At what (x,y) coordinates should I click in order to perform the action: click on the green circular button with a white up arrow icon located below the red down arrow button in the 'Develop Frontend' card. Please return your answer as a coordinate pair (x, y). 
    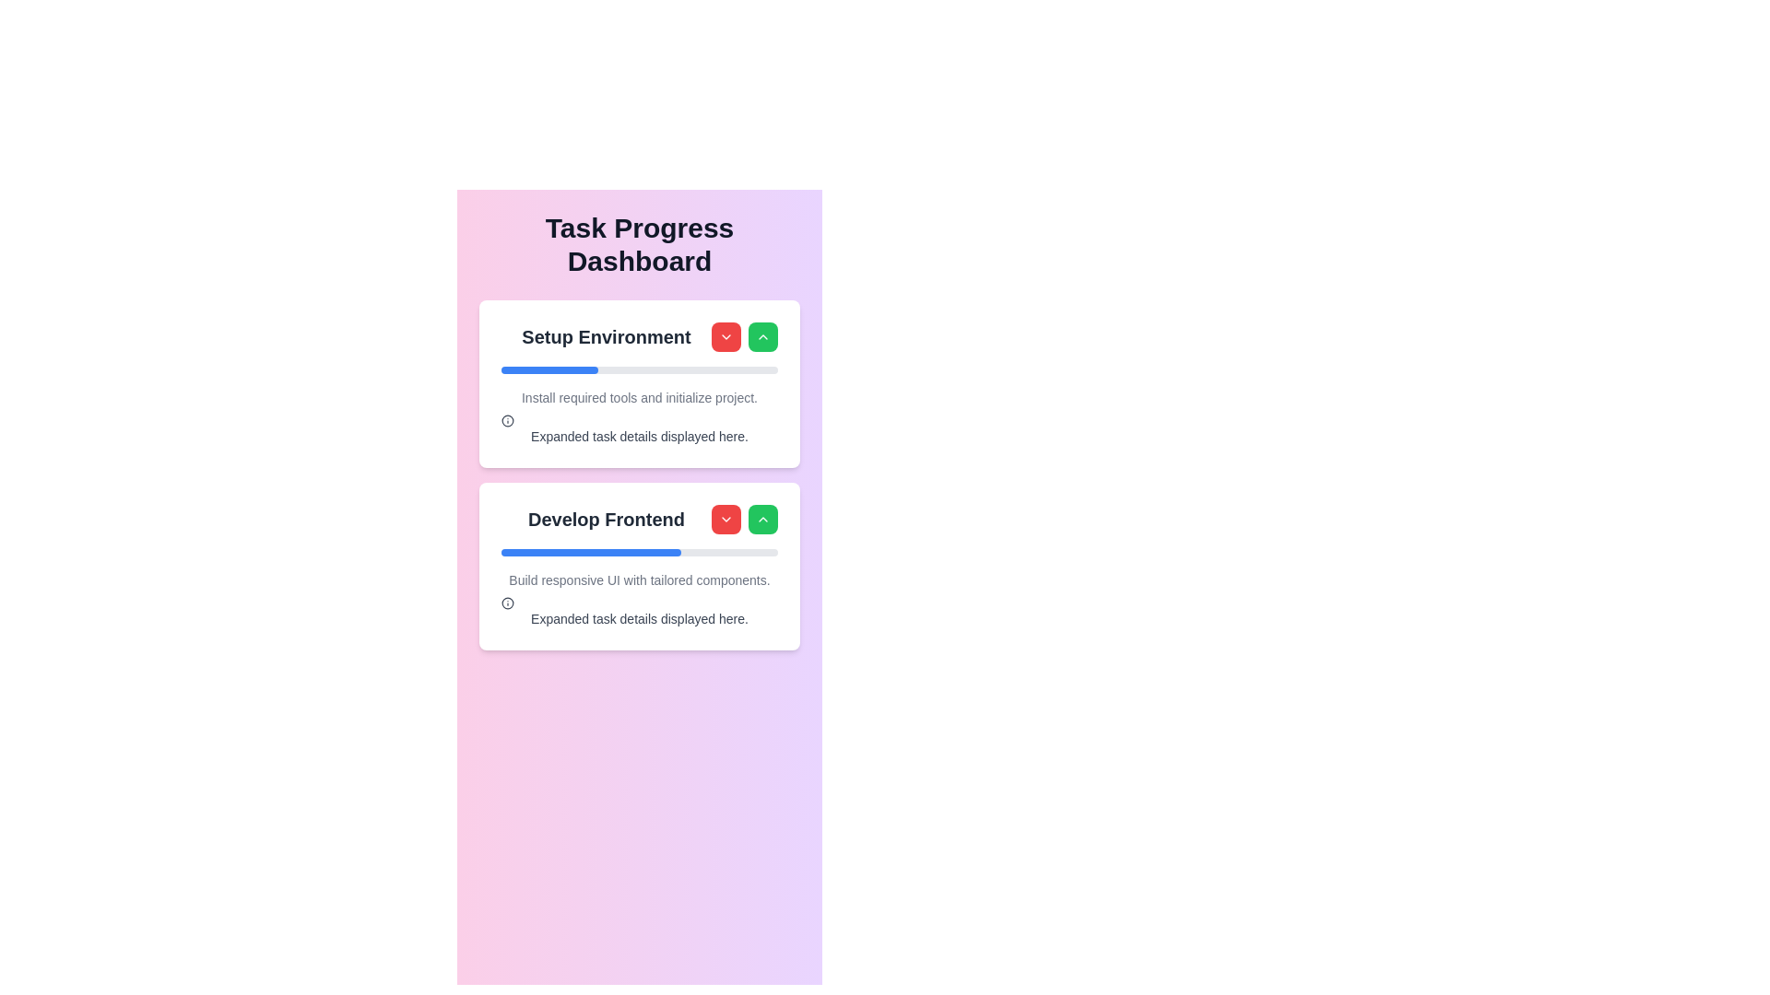
    Looking at the image, I should click on (763, 337).